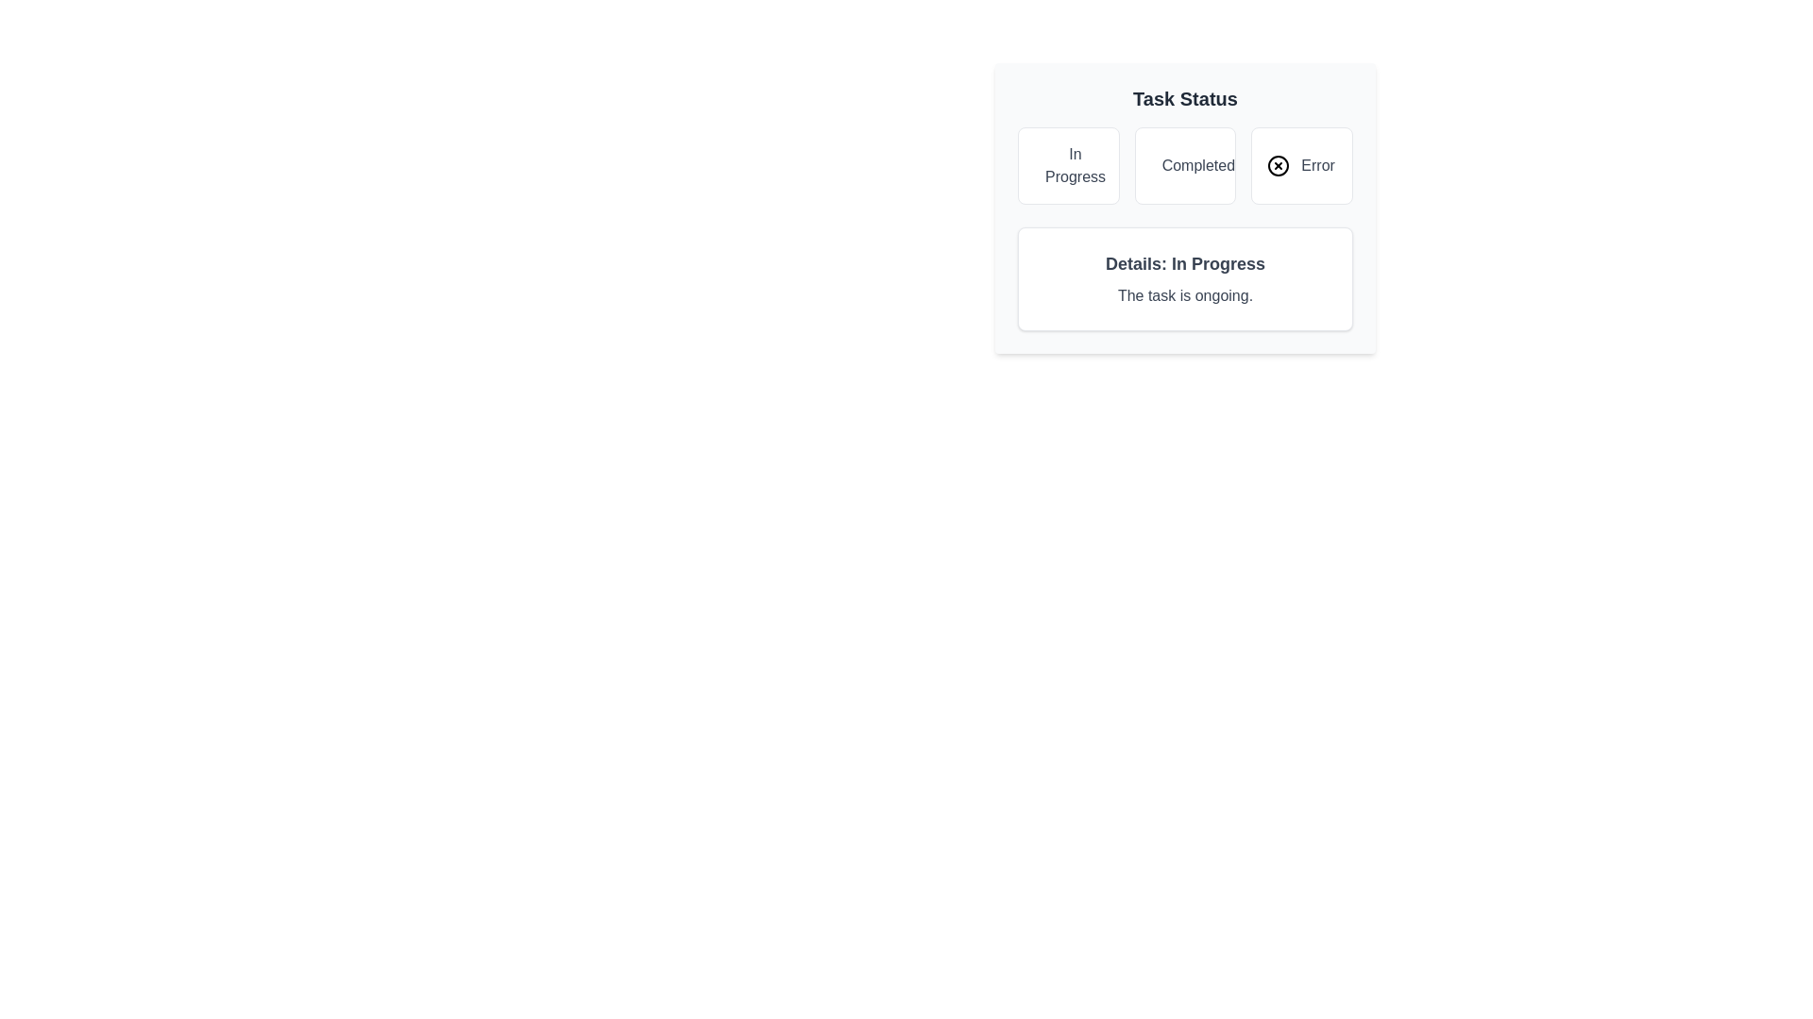 The width and height of the screenshot is (1813, 1019). I want to click on the error status Text Label positioned at the far right of the 'Task Status' group, which indicates a problematic state, so click(1317, 165).